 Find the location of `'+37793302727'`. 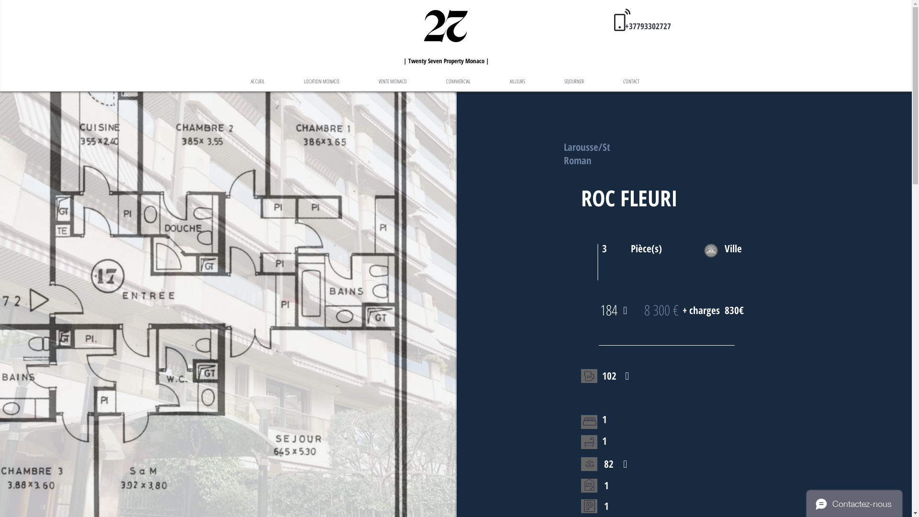

'+37793302727' is located at coordinates (648, 25).